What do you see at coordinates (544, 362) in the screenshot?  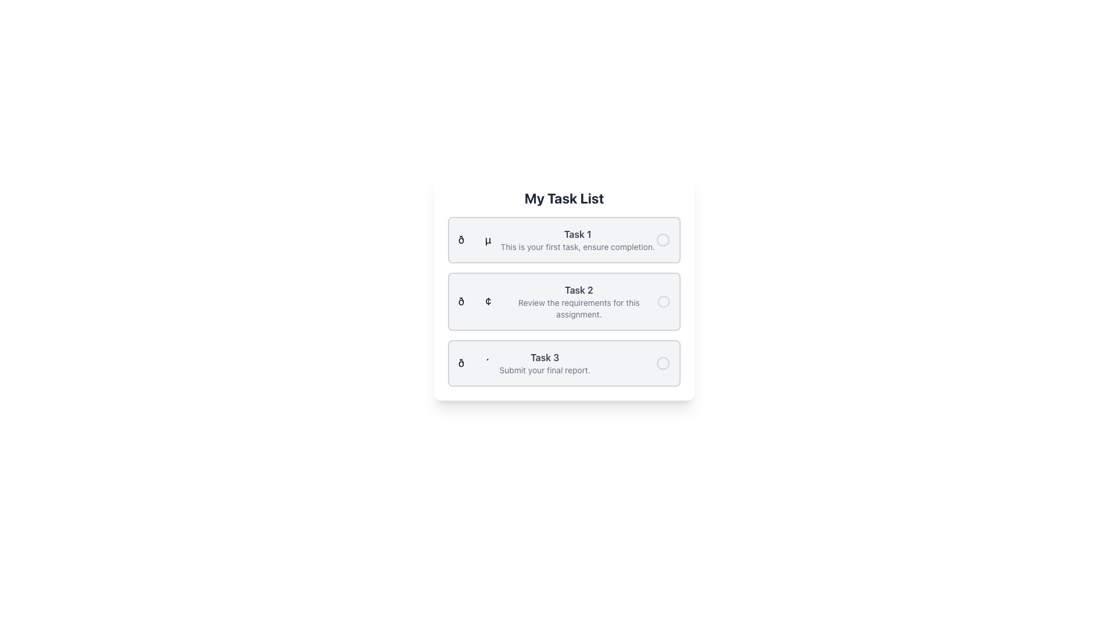 I see `the Text element containing the header 'Task 3' and subheader 'Submit your final report.' which is centrally aligned within its interactive card` at bounding box center [544, 362].